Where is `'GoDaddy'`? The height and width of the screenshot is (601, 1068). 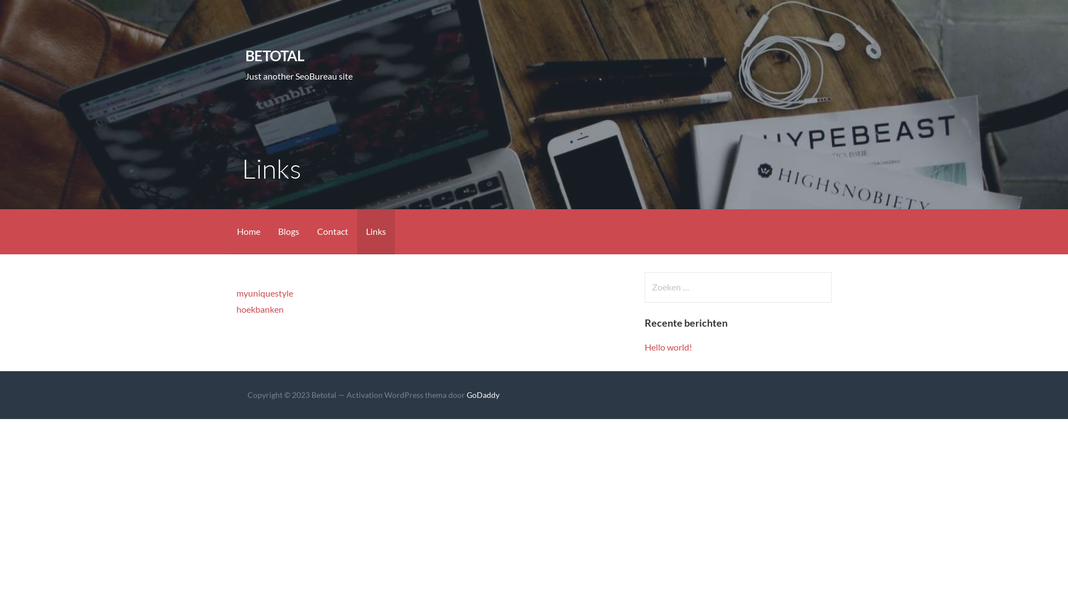
'GoDaddy' is located at coordinates (483, 394).